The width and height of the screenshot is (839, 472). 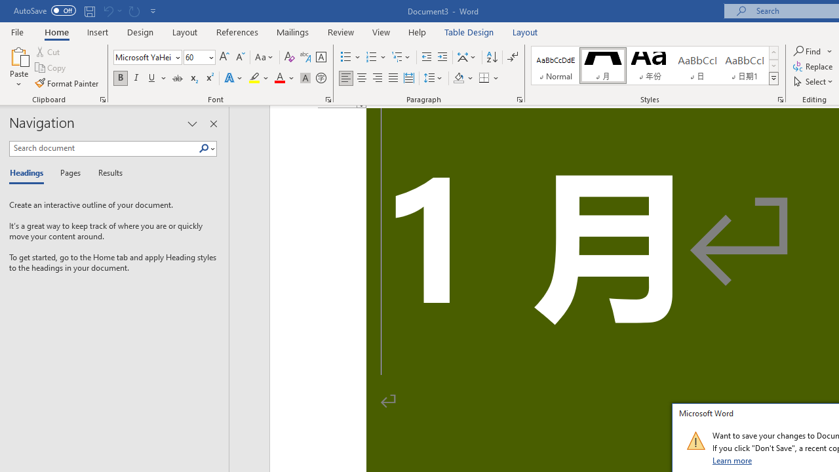 What do you see at coordinates (152, 78) in the screenshot?
I see `'Underline'` at bounding box center [152, 78].